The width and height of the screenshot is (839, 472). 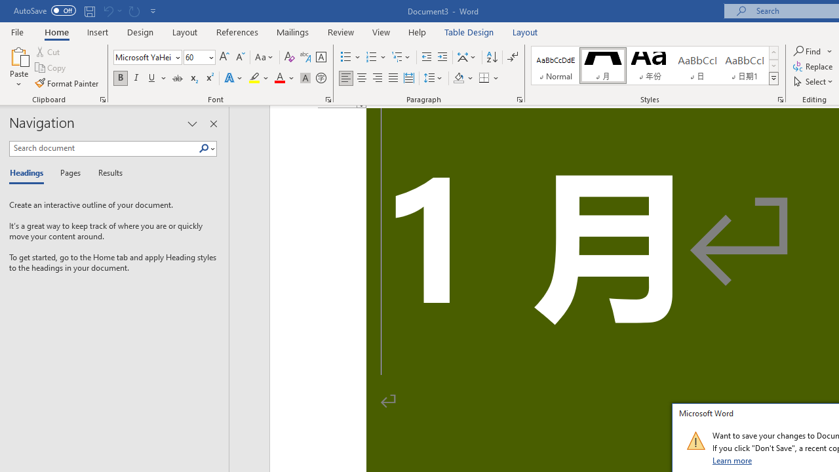 What do you see at coordinates (152, 78) in the screenshot?
I see `'Underline'` at bounding box center [152, 78].